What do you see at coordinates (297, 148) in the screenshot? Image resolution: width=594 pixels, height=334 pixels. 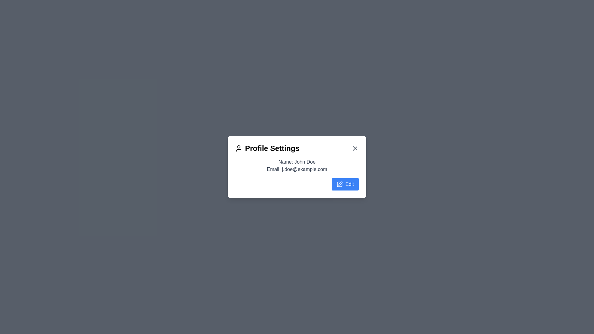 I see `the title text 'Profile Settings' in the Header section` at bounding box center [297, 148].